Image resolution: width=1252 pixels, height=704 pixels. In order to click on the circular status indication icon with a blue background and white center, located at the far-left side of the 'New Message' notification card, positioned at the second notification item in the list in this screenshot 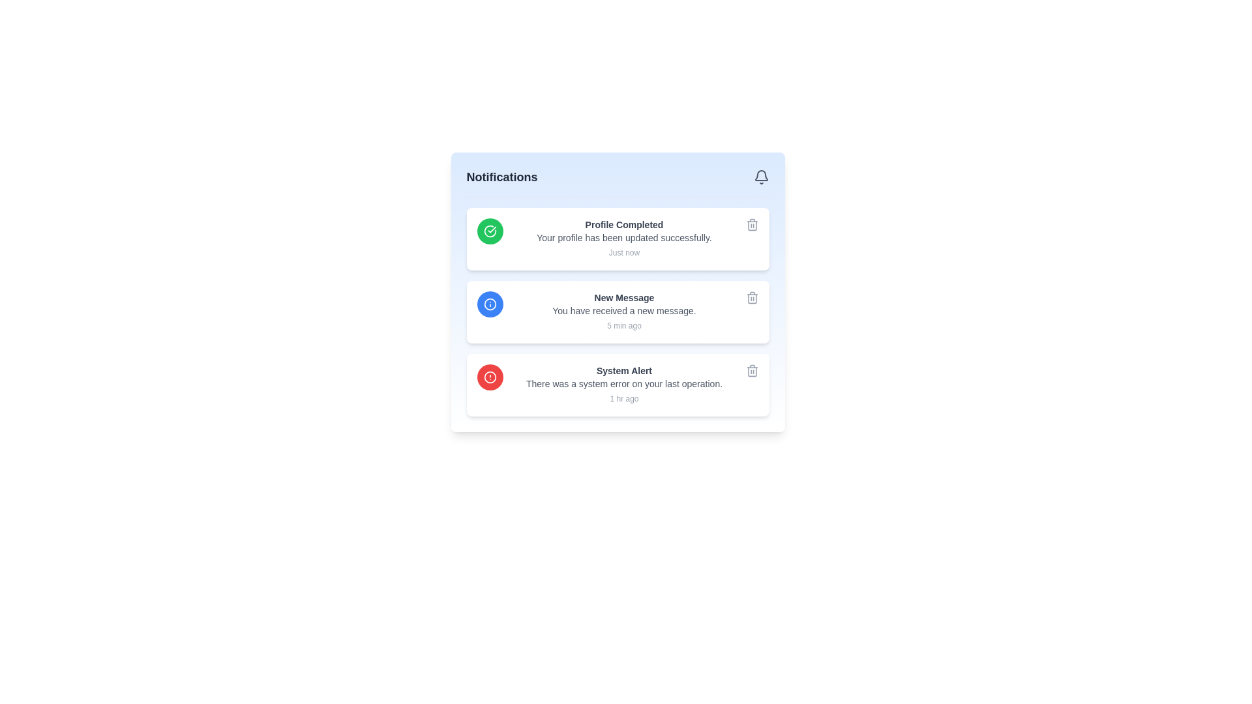, I will do `click(489, 304)`.